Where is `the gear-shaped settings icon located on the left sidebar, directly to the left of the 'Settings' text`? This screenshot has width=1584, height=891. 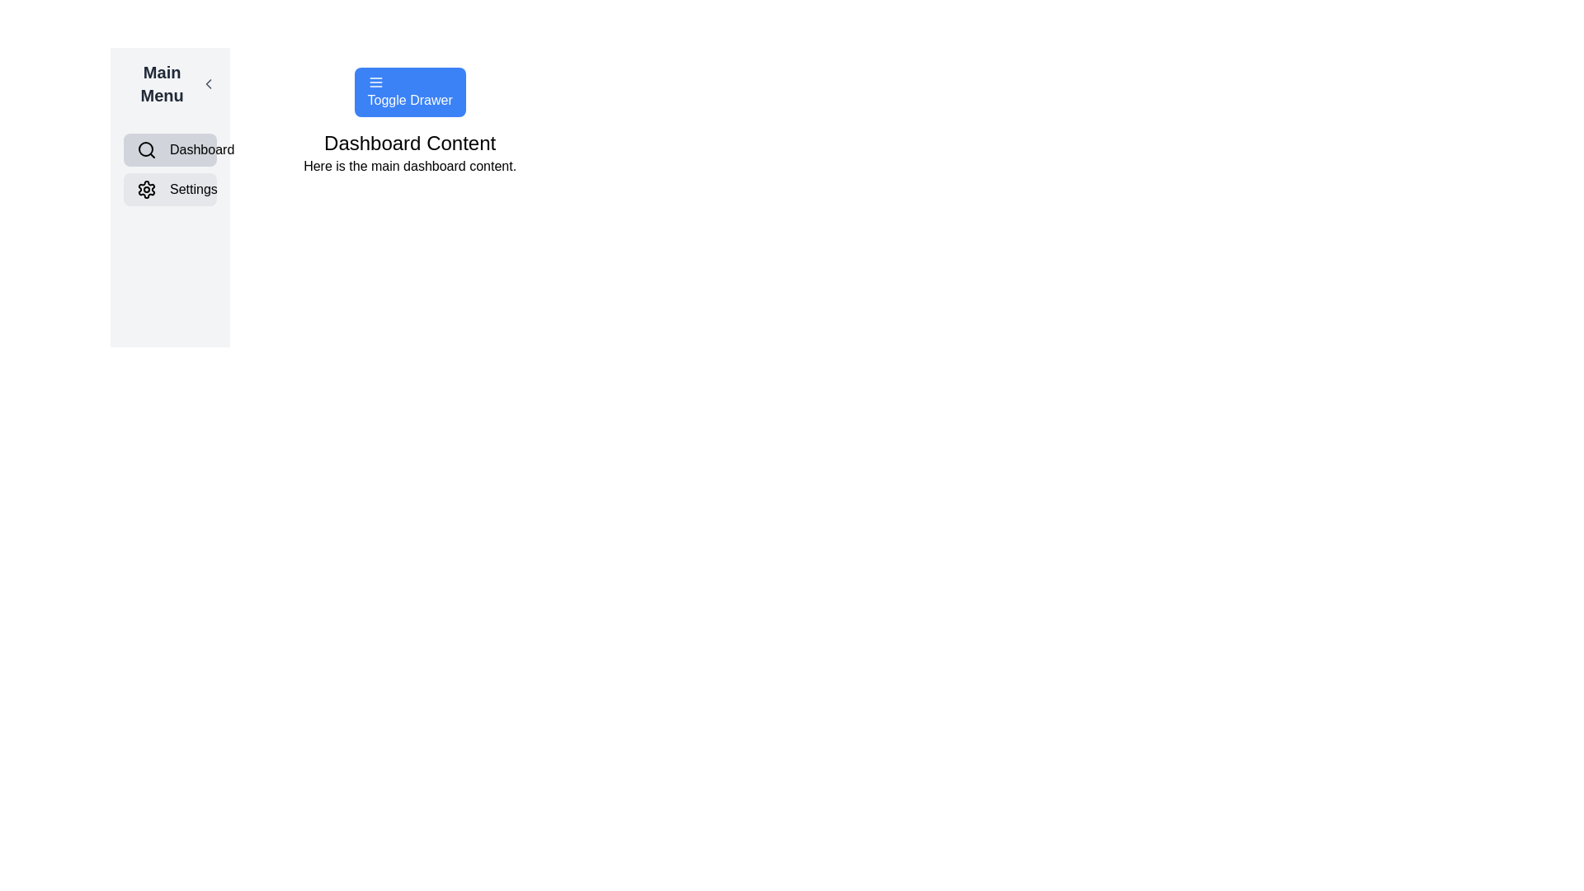 the gear-shaped settings icon located on the left sidebar, directly to the left of the 'Settings' text is located at coordinates (146, 189).